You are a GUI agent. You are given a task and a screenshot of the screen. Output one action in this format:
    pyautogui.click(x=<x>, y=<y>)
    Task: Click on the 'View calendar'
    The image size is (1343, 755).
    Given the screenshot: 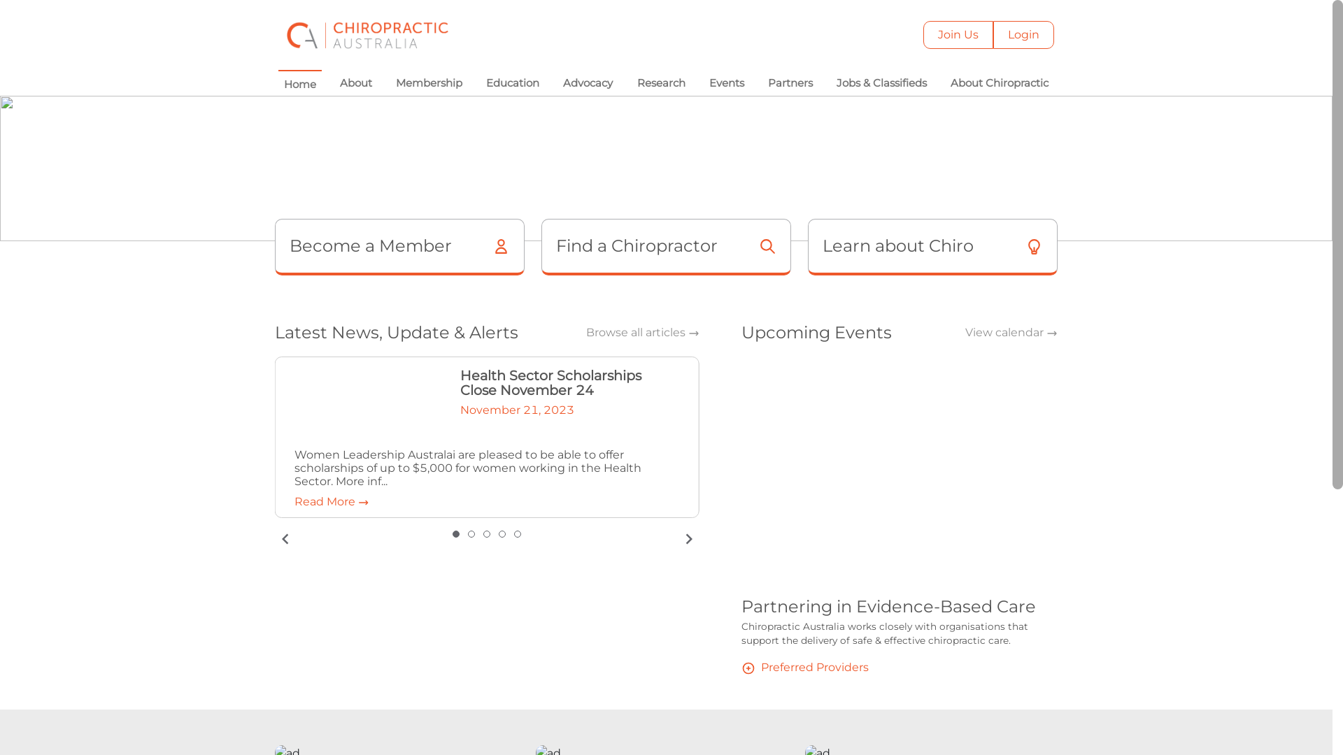 What is the action you would take?
    pyautogui.click(x=1011, y=332)
    